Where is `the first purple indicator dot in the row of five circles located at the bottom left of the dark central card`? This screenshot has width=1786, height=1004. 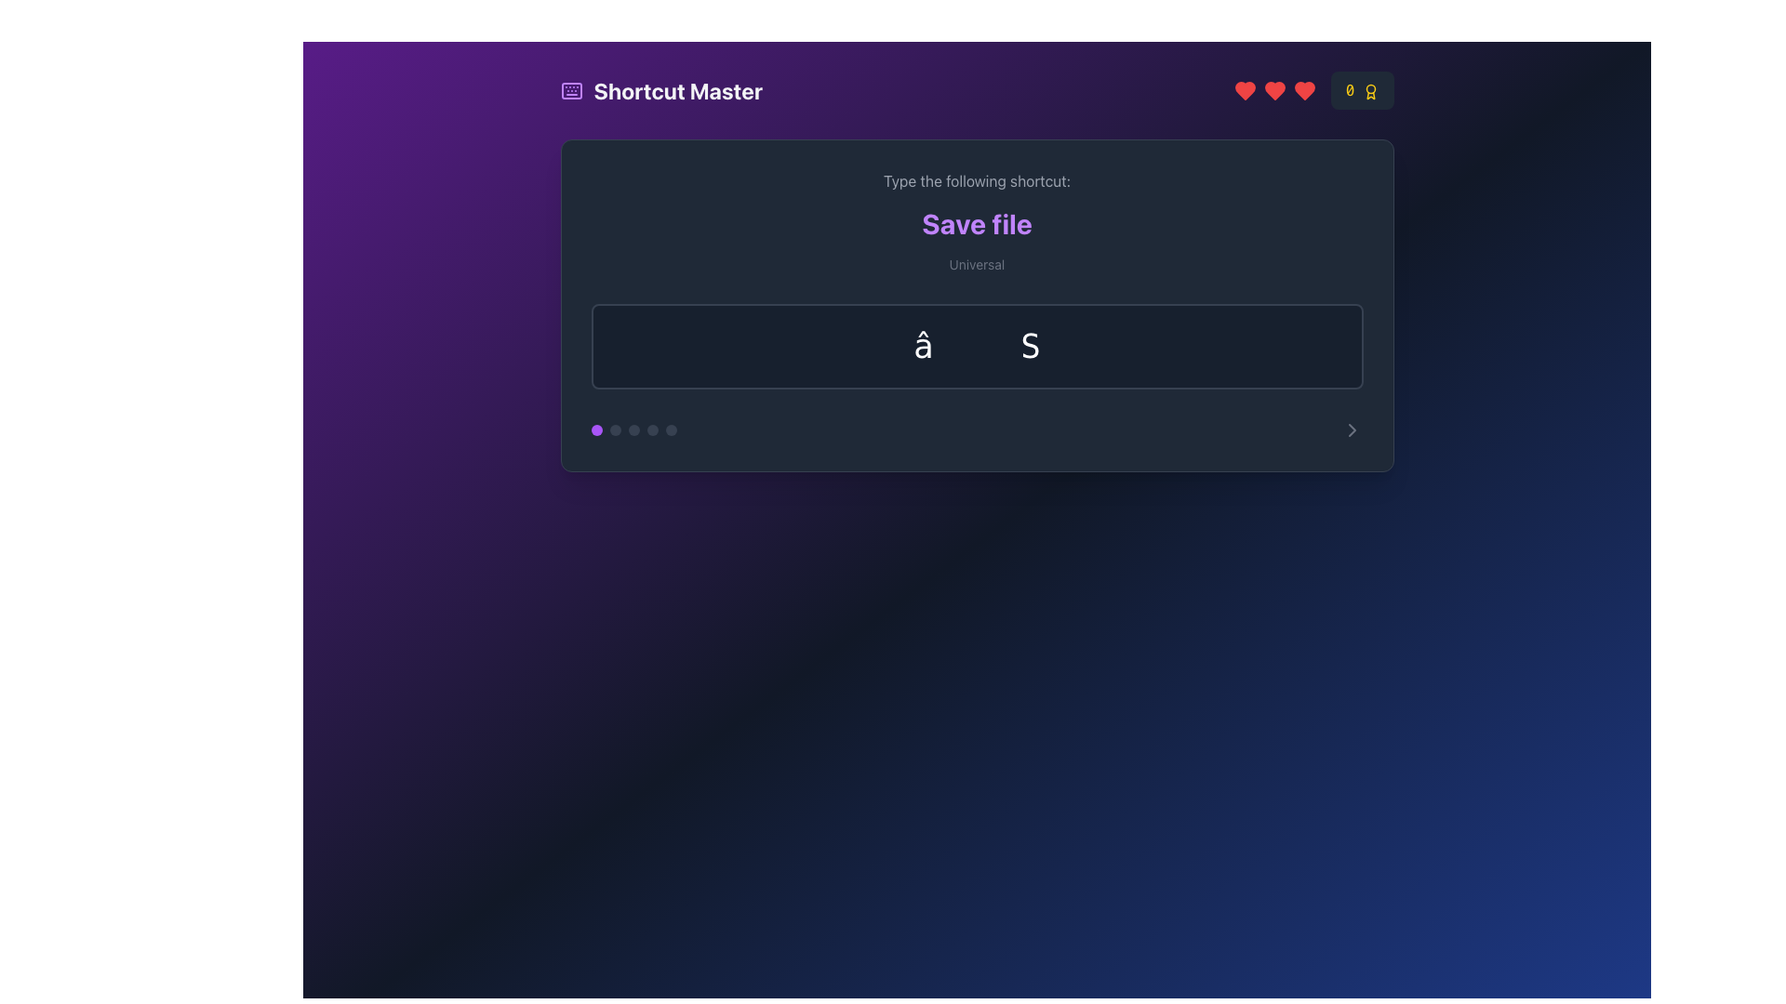 the first purple indicator dot in the row of five circles located at the bottom left of the dark central card is located at coordinates (596, 429).